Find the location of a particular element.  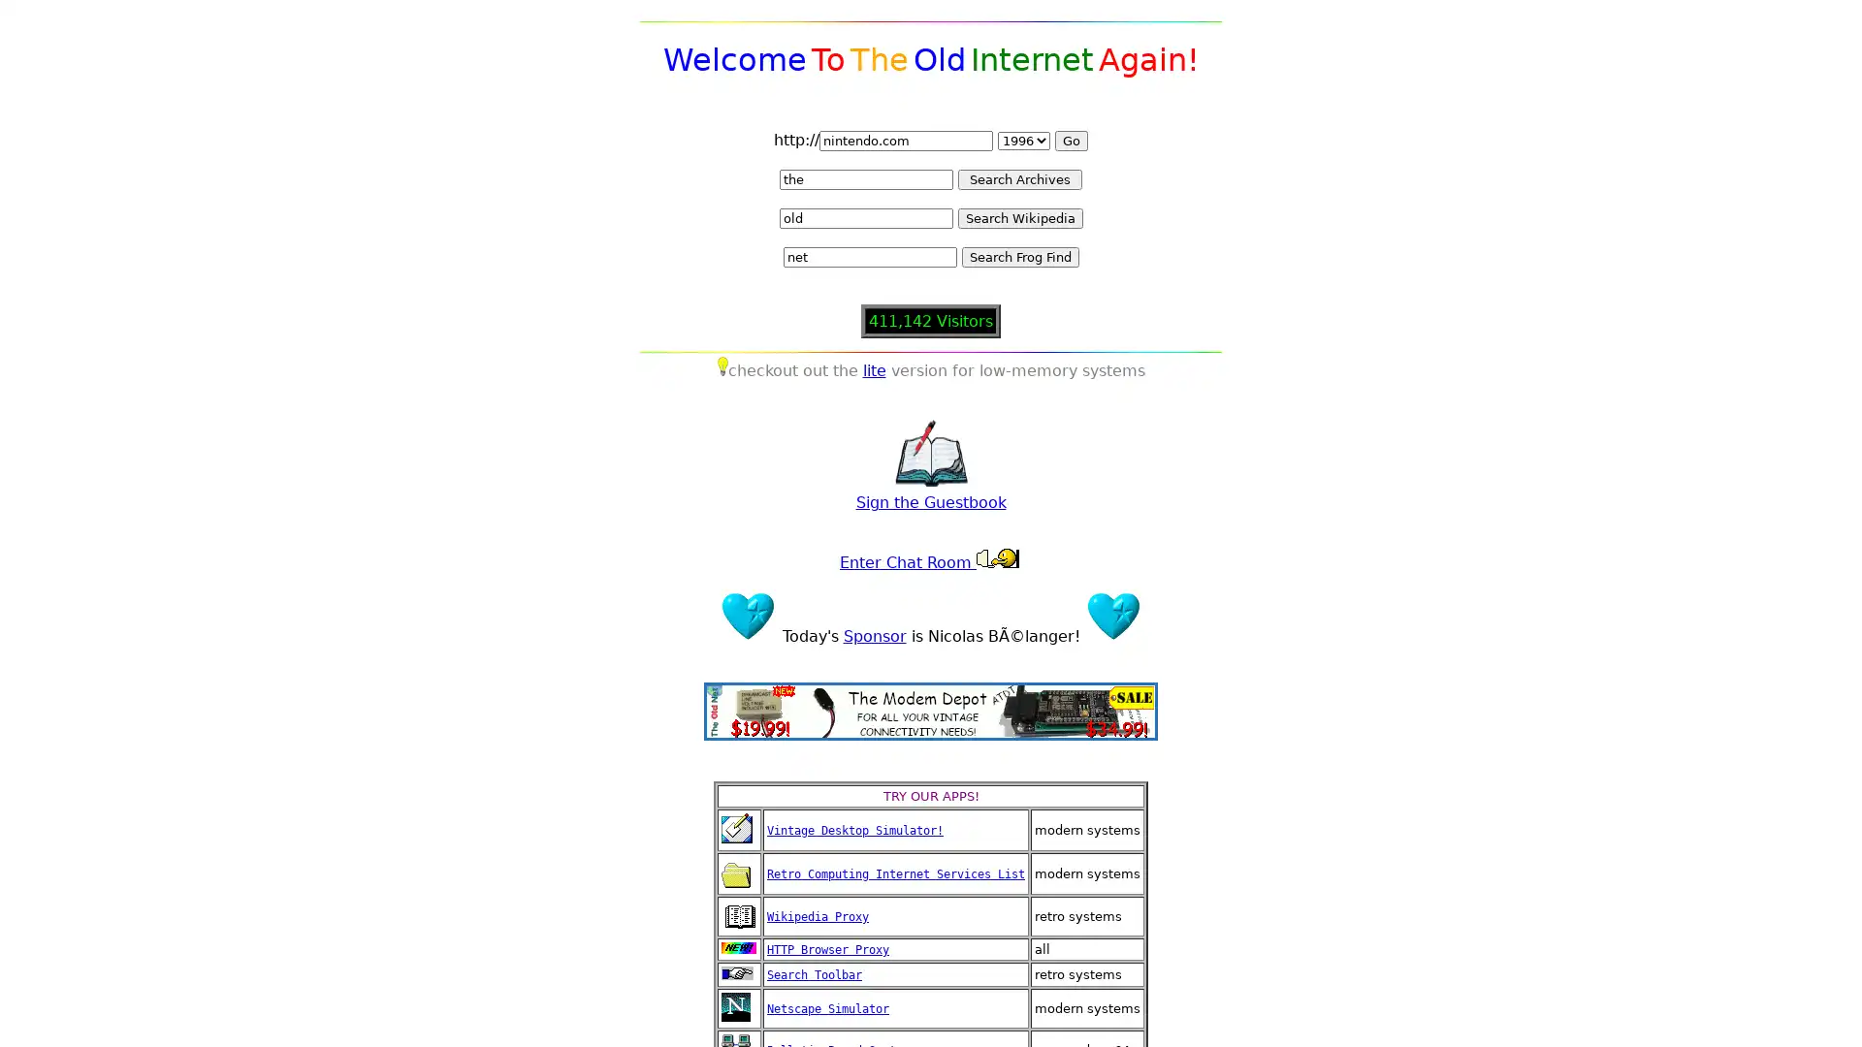

Go is located at coordinates (1070, 140).